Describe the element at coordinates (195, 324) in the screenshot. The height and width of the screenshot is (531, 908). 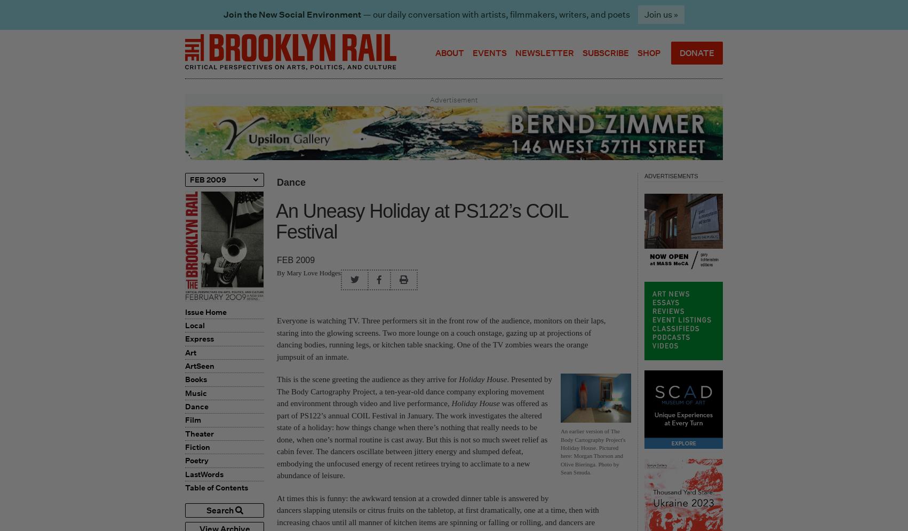
I see `'Local'` at that location.